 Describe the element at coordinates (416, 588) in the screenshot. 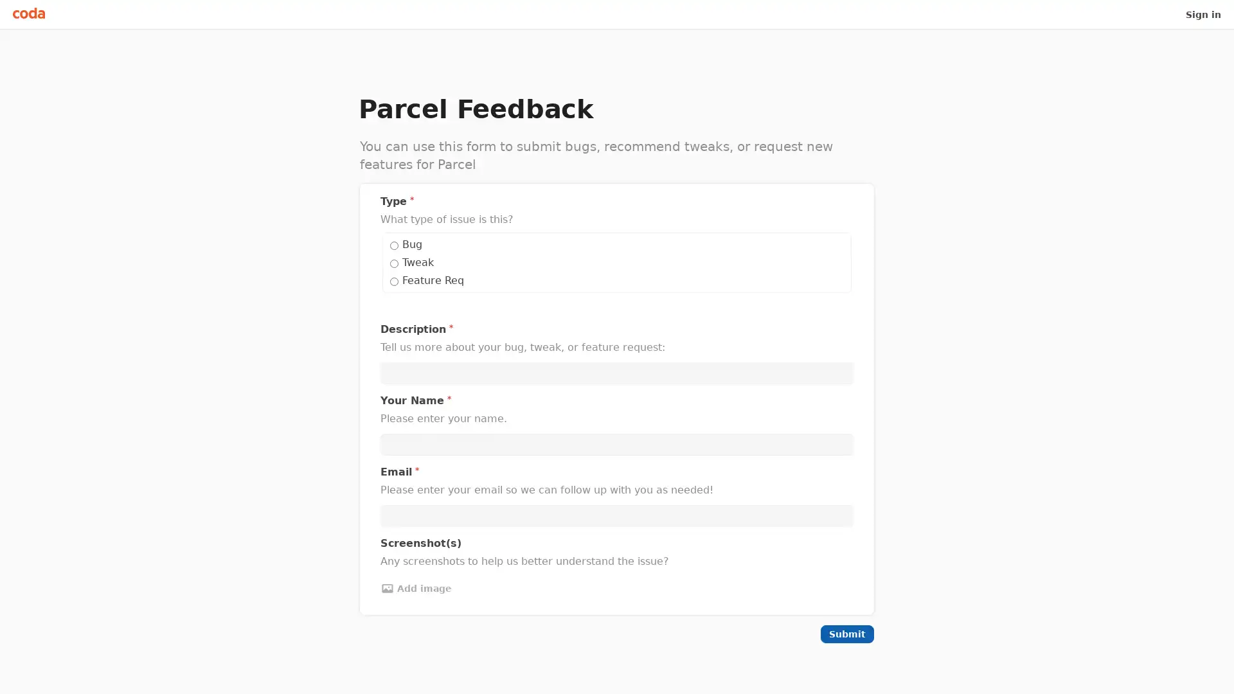

I see `Add image` at that location.